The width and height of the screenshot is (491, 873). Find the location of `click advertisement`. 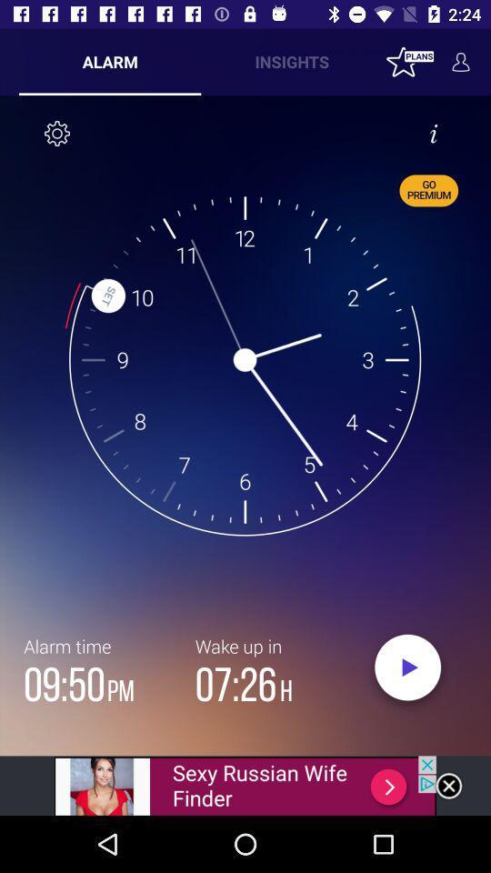

click advertisement is located at coordinates (245, 785).